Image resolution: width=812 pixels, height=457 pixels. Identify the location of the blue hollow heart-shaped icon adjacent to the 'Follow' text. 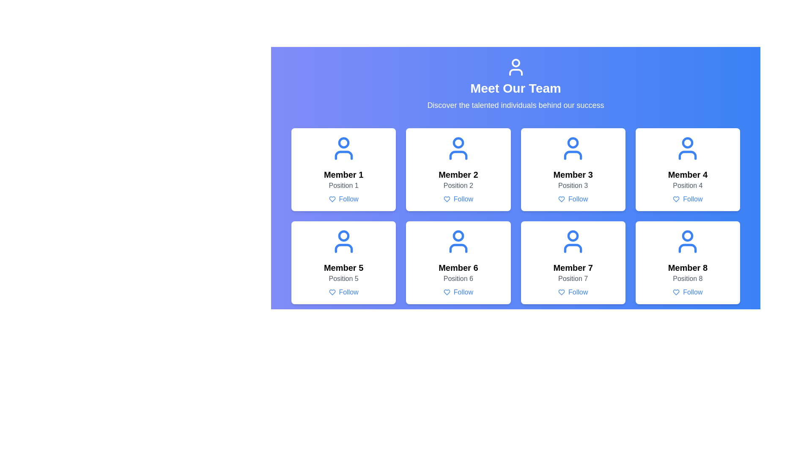
(562, 199).